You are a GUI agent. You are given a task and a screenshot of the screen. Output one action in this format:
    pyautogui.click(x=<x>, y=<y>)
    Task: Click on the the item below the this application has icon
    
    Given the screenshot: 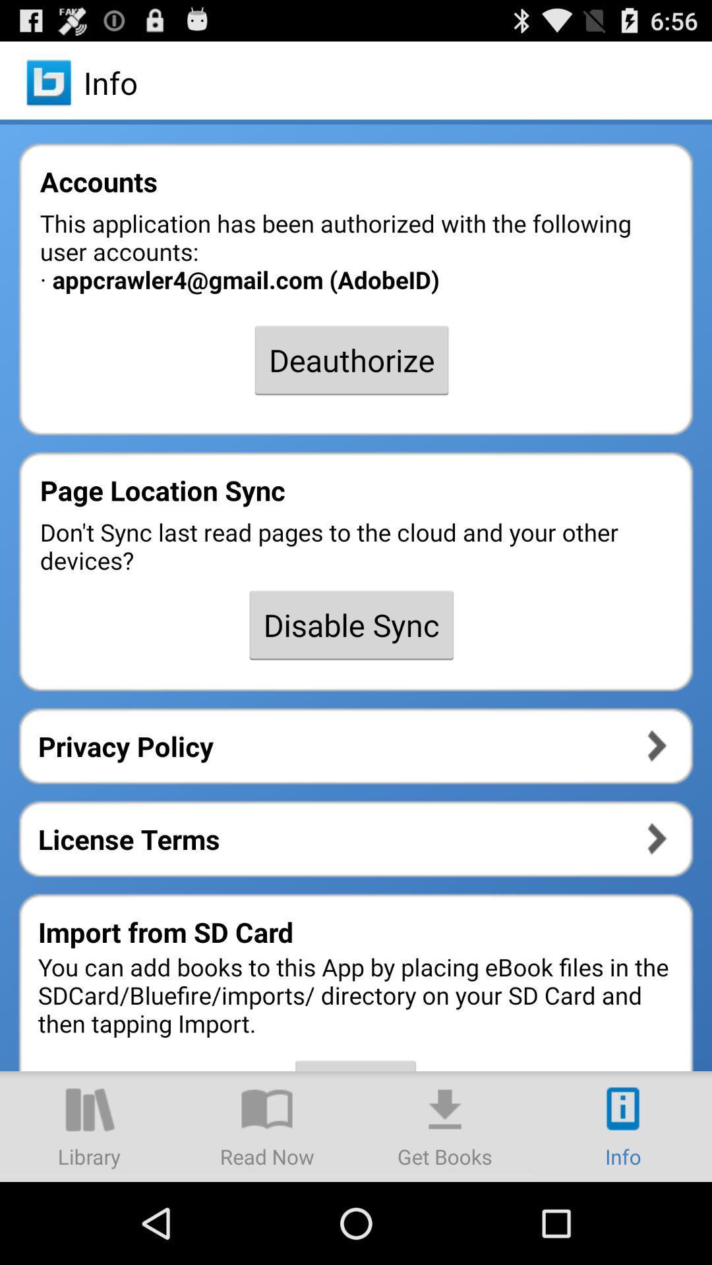 What is the action you would take?
    pyautogui.click(x=351, y=360)
    